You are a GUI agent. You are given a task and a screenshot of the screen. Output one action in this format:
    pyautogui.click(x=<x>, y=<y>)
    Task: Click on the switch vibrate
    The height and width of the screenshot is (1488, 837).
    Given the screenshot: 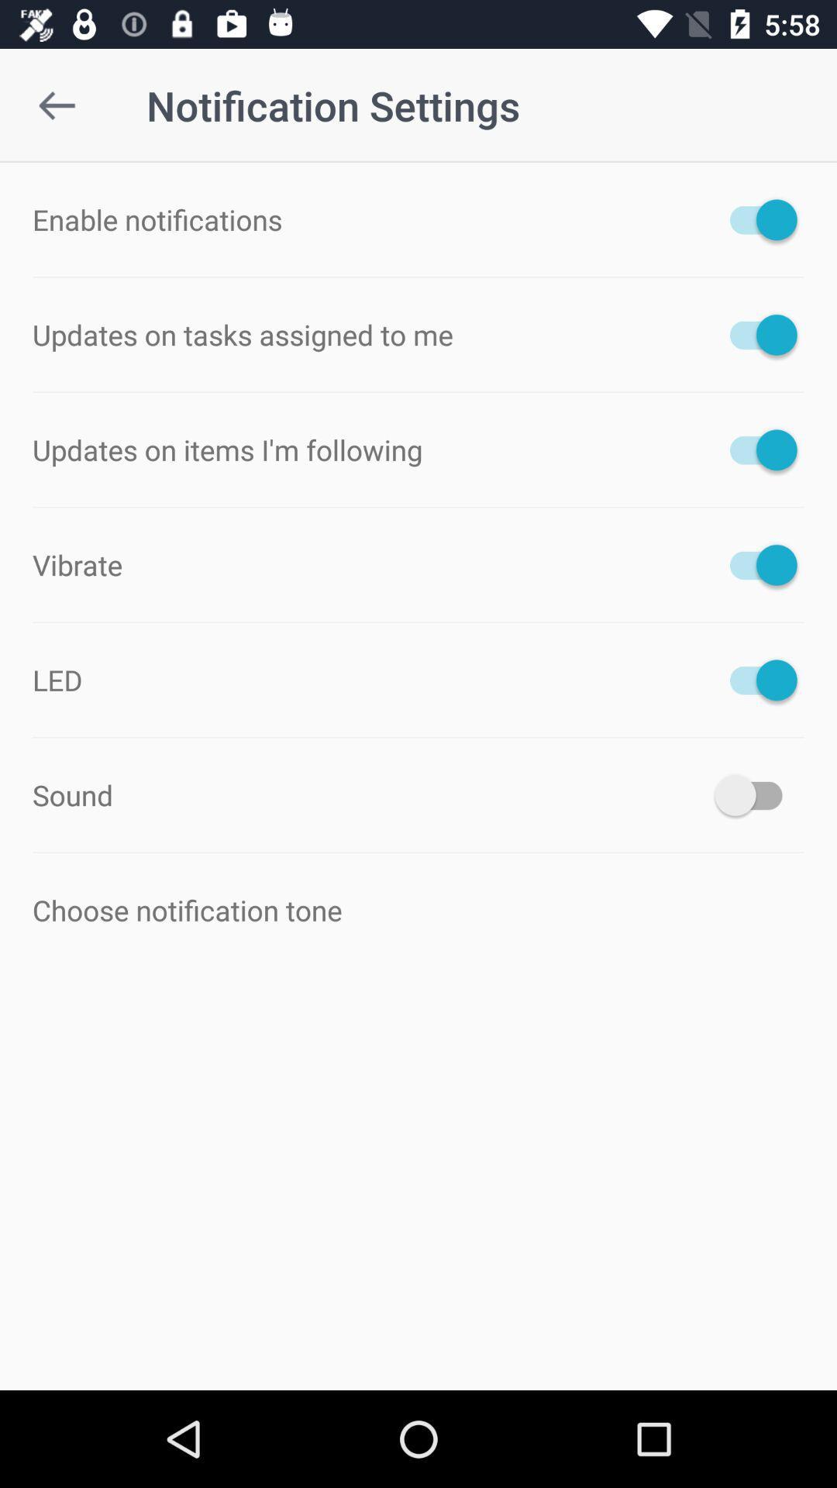 What is the action you would take?
    pyautogui.click(x=755, y=564)
    